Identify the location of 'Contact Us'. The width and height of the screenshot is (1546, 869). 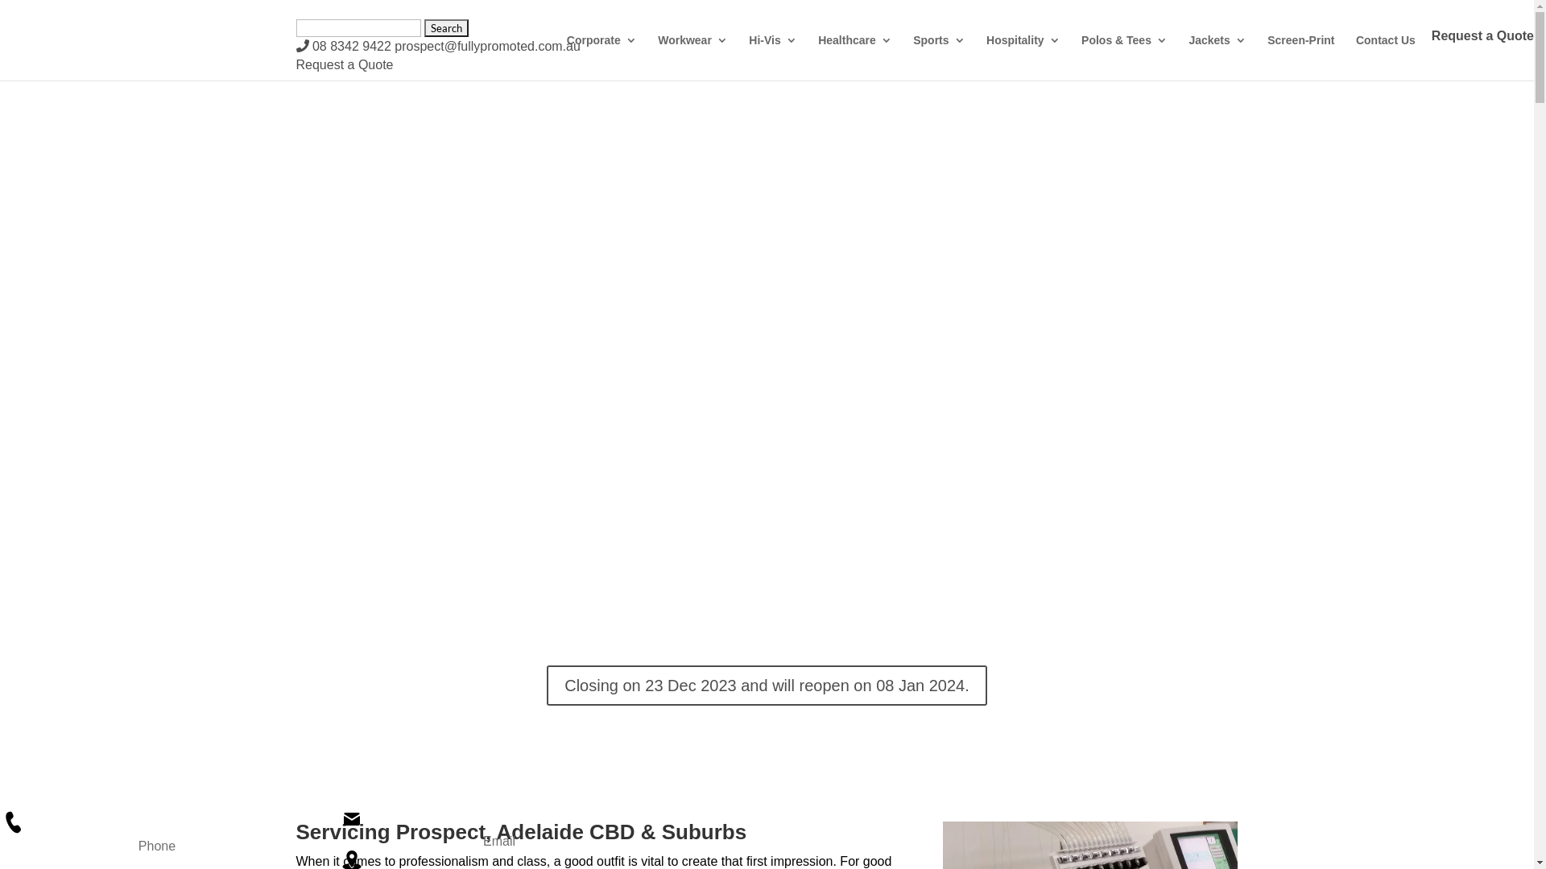
(1385, 52).